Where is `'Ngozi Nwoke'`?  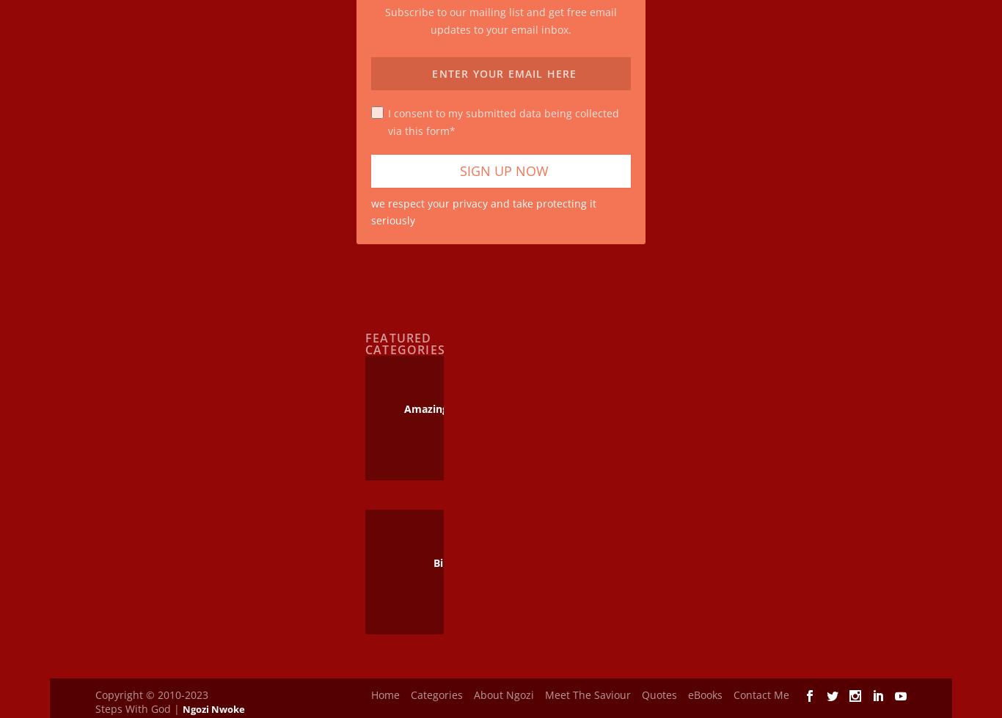
'Ngozi Nwoke' is located at coordinates (213, 699).